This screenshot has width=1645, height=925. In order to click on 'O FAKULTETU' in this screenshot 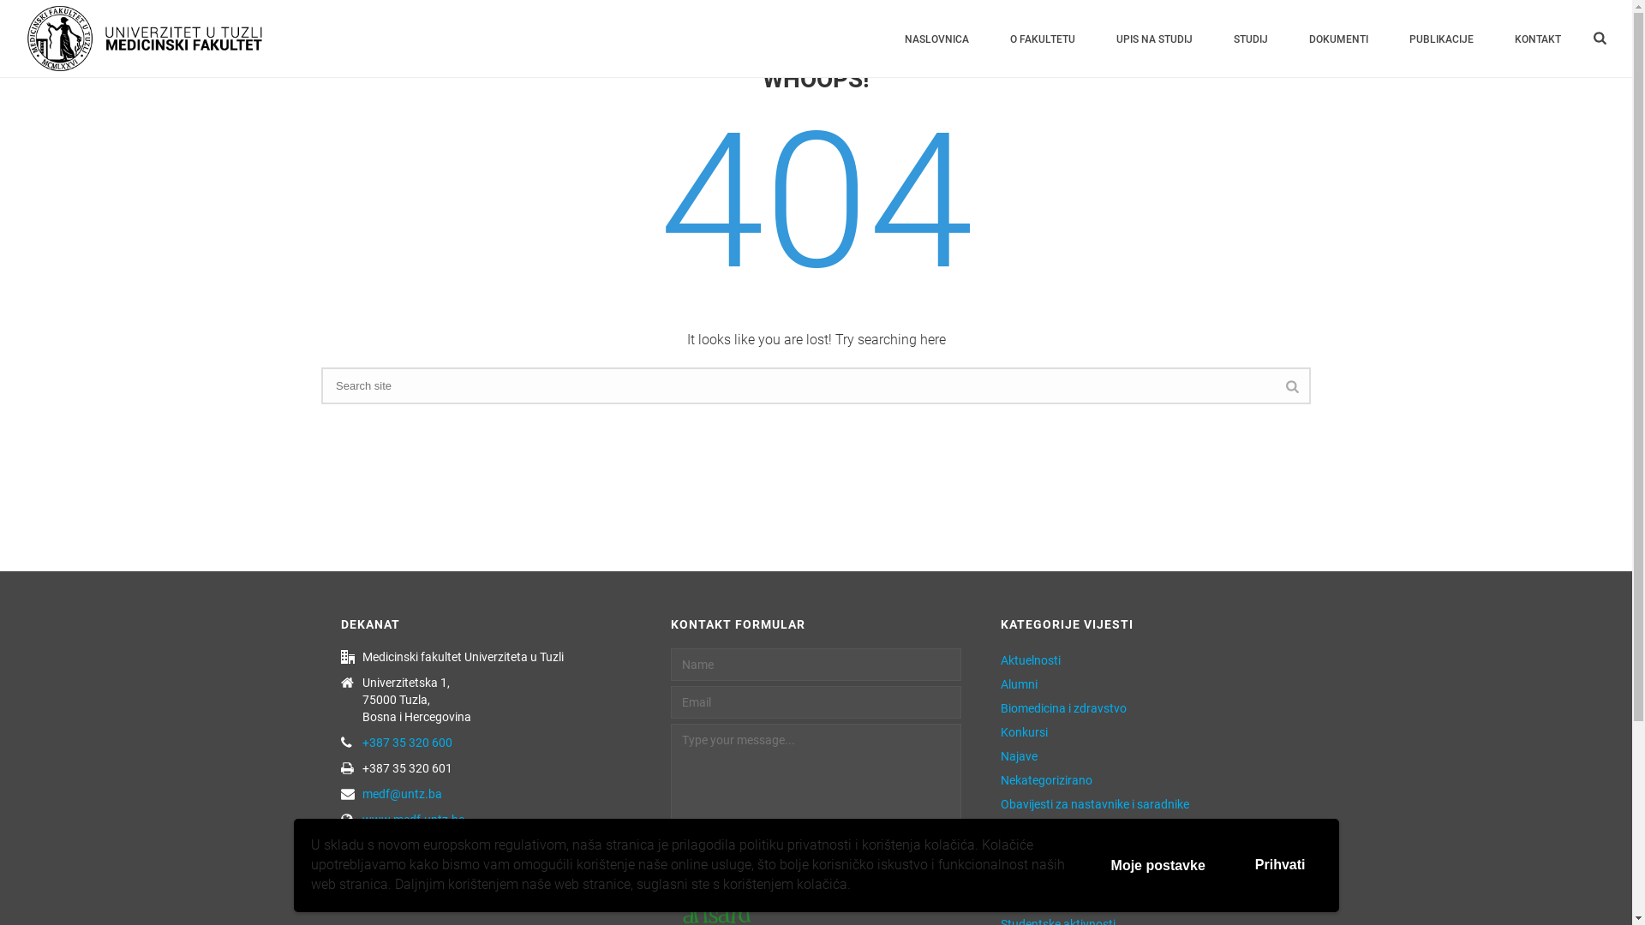, I will do `click(1042, 39)`.